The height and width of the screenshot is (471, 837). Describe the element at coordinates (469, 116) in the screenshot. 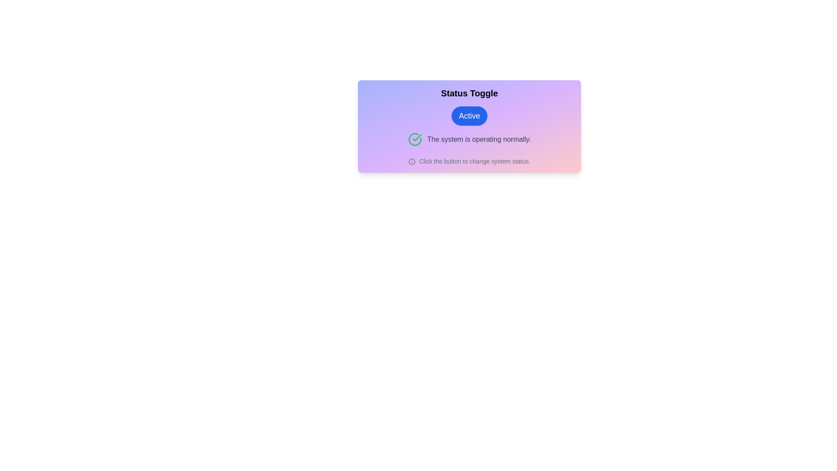

I see `the button to observe hover effects` at that location.